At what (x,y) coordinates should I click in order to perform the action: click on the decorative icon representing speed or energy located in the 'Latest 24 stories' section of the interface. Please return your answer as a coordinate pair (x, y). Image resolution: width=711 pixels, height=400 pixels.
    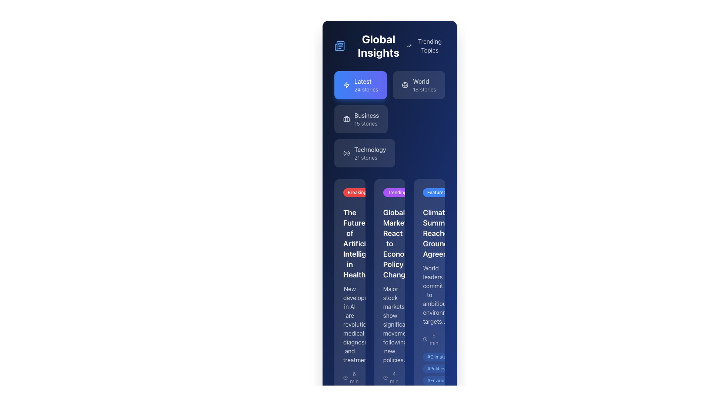
    Looking at the image, I should click on (346, 85).